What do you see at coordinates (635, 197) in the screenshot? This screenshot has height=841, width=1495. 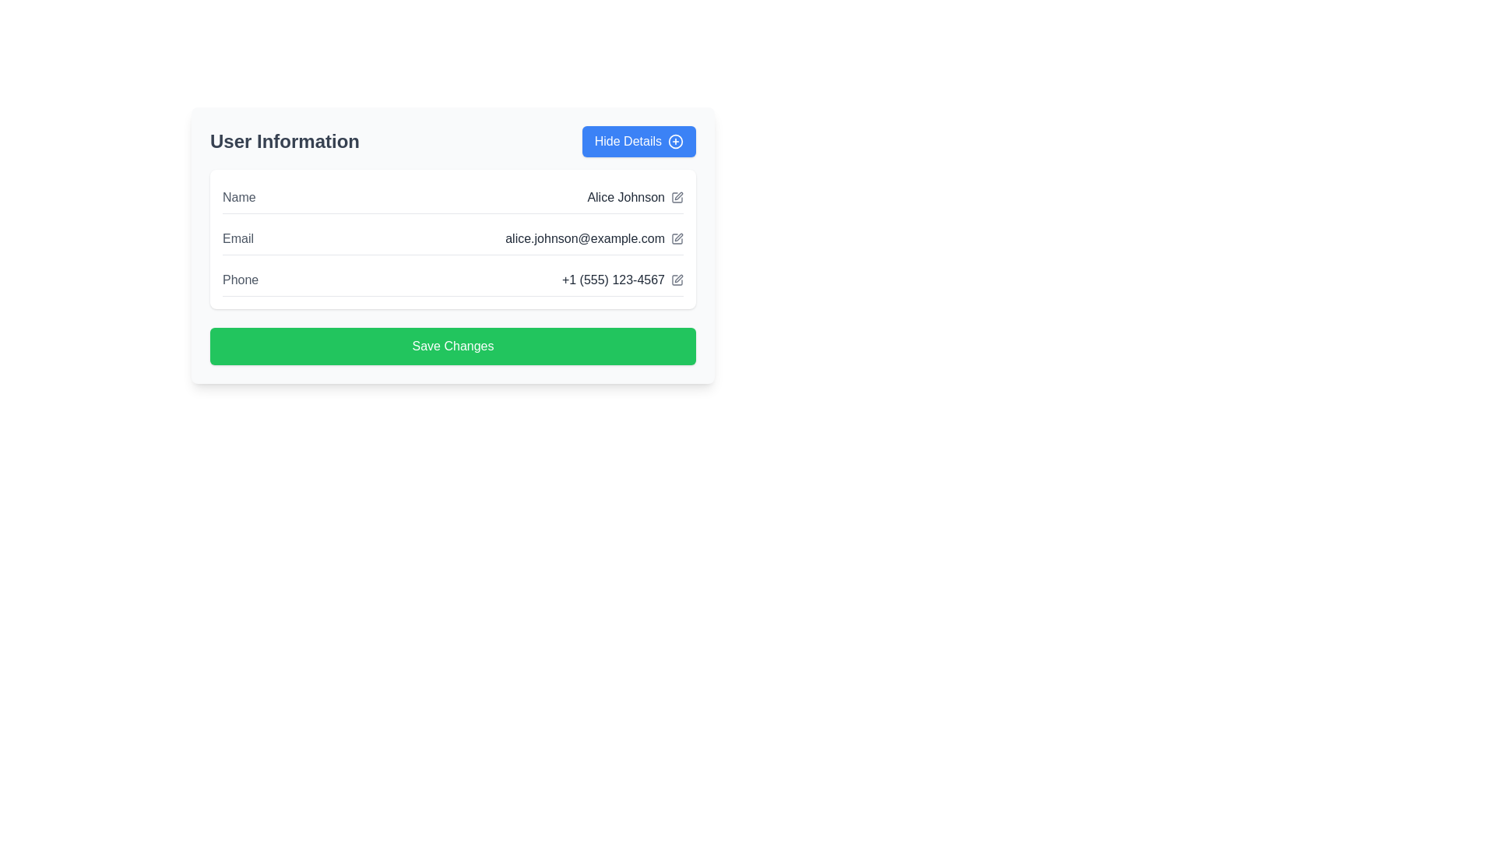 I see `the text display element showing 'Alice Johnson' with an adjacent pen icon for editing, found in the user information form section labeled 'Name'` at bounding box center [635, 197].